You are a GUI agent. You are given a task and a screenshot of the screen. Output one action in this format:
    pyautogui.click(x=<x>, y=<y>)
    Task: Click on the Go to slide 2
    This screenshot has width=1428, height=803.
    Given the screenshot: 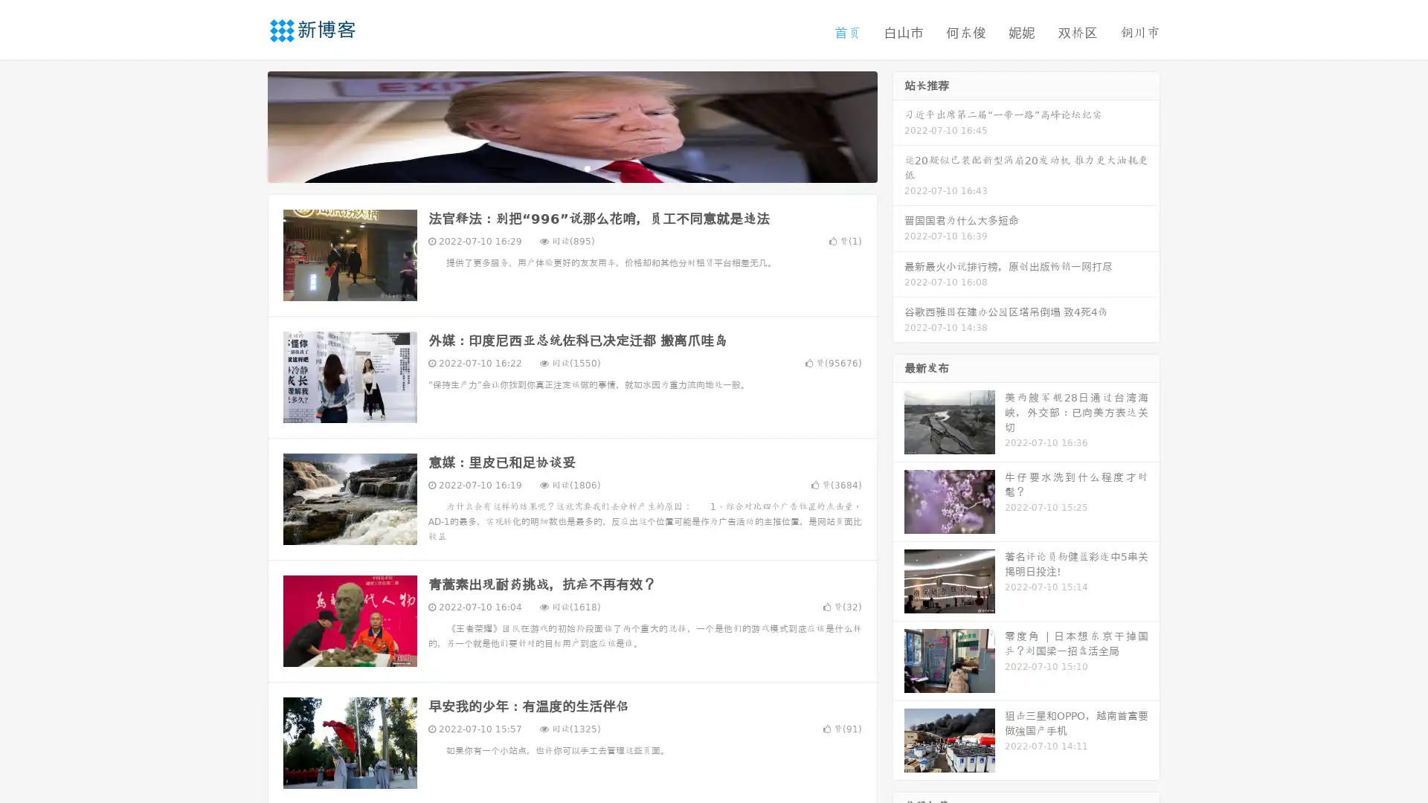 What is the action you would take?
    pyautogui.click(x=571, y=167)
    